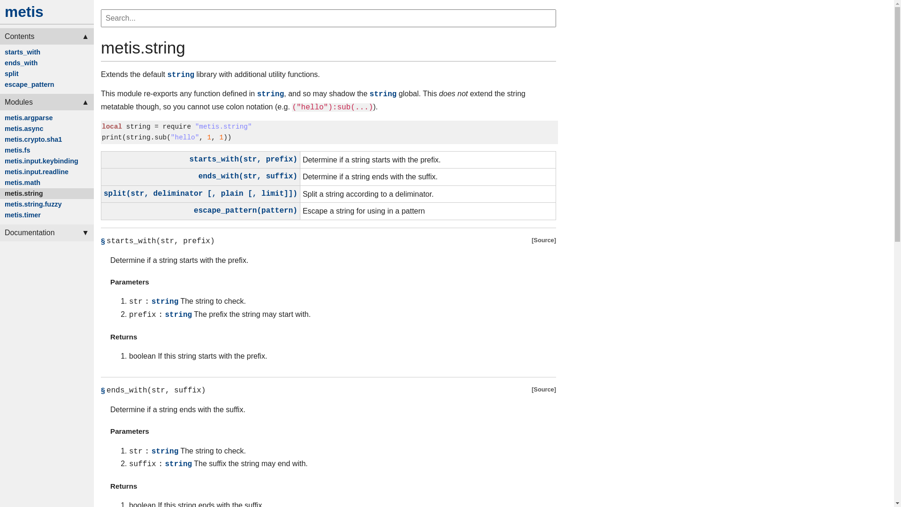 The height and width of the screenshot is (507, 901). I want to click on 'string', so click(178, 315).